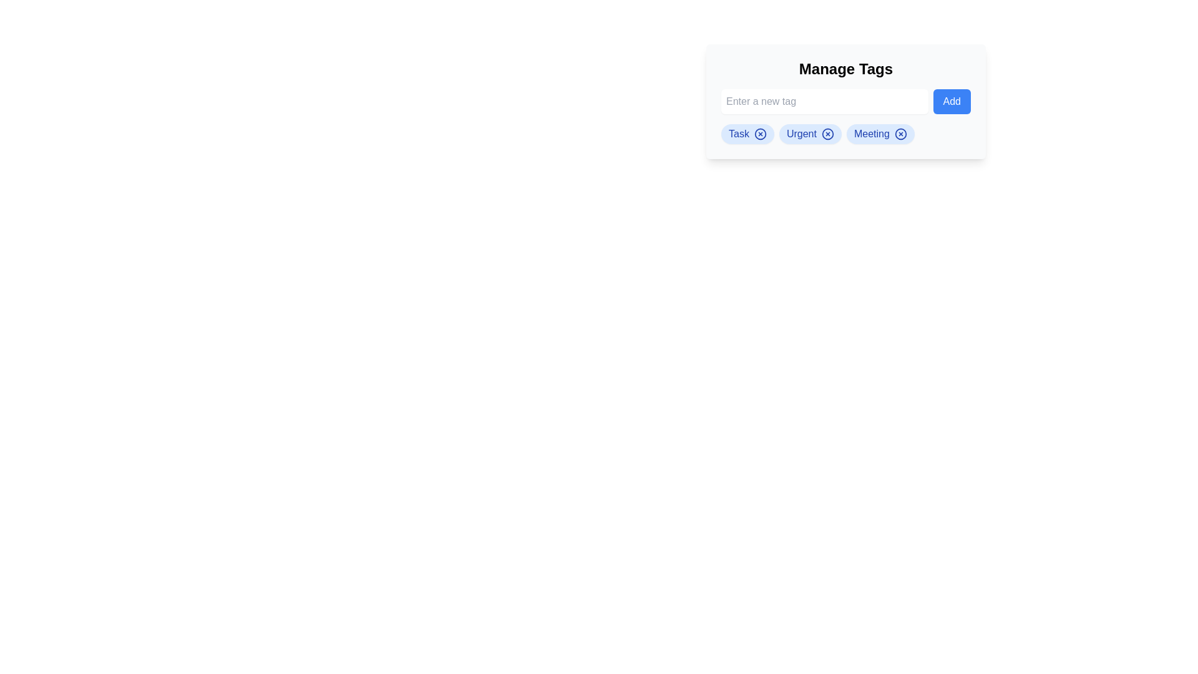 This screenshot has width=1198, height=674. Describe the element at coordinates (739, 134) in the screenshot. I see `the 'Task' label displayed within the 'Manage Tags' section to interact with it` at that location.